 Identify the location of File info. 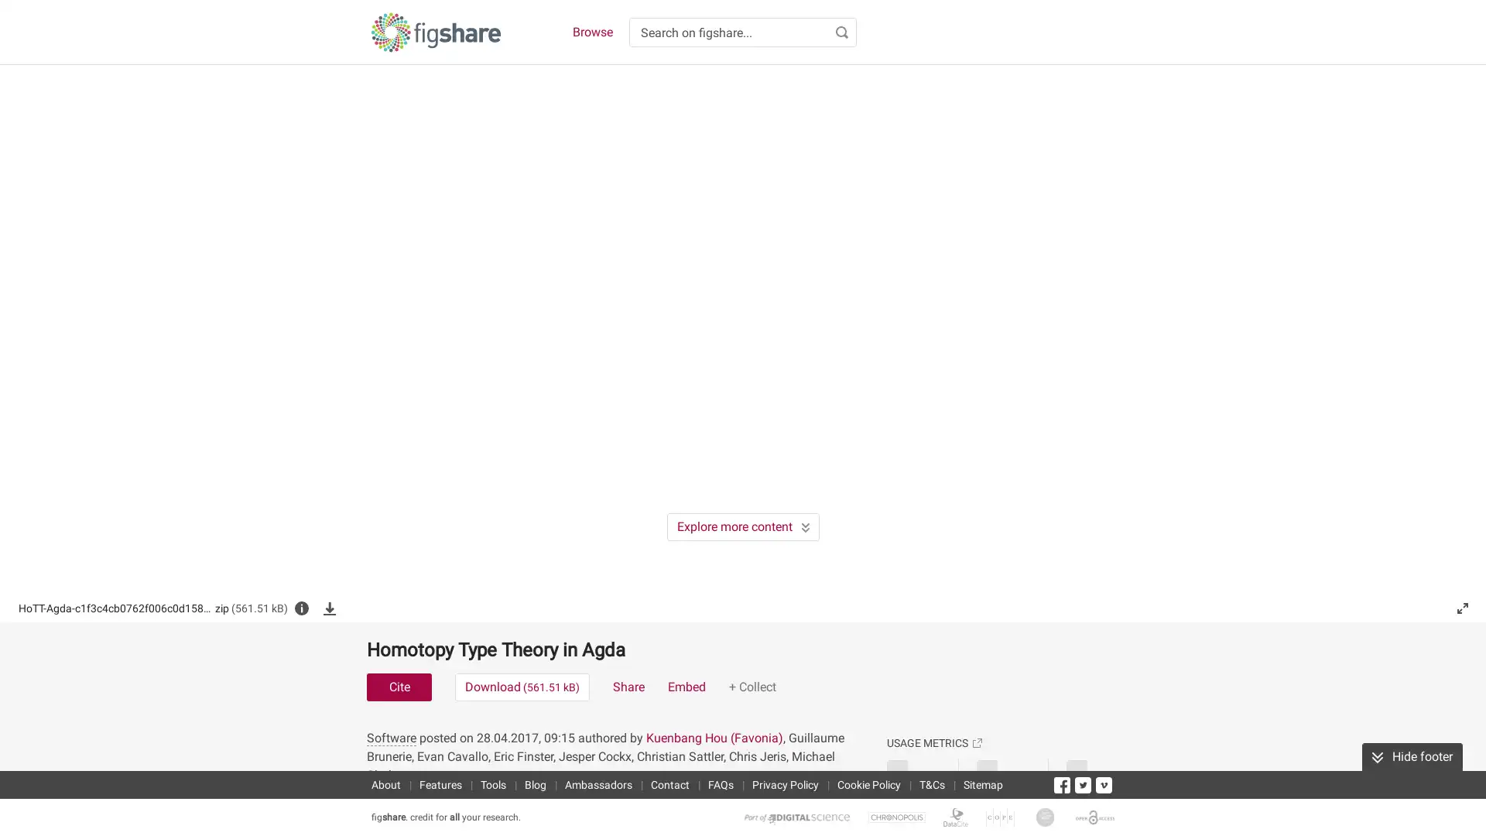
(301, 660).